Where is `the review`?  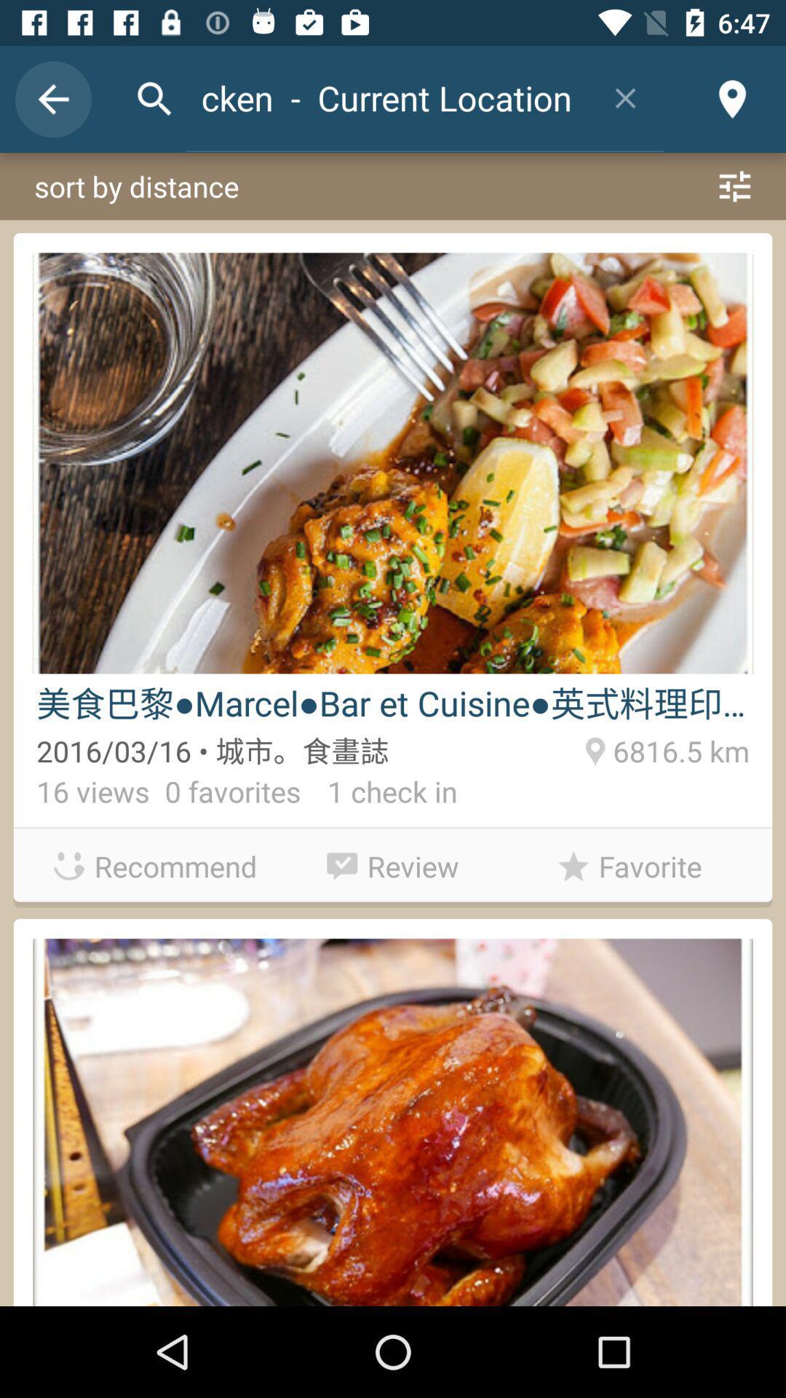
the review is located at coordinates (393, 862).